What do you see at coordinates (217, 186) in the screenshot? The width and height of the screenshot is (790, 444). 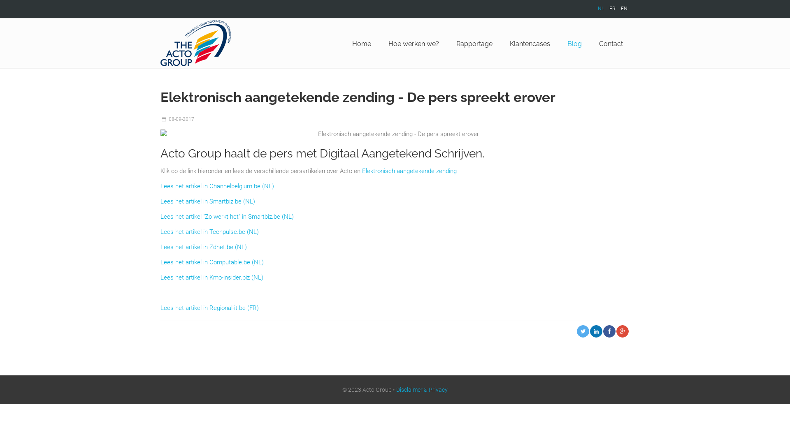 I see `'Lees het artikel in Channelbelgium.be (NL)'` at bounding box center [217, 186].